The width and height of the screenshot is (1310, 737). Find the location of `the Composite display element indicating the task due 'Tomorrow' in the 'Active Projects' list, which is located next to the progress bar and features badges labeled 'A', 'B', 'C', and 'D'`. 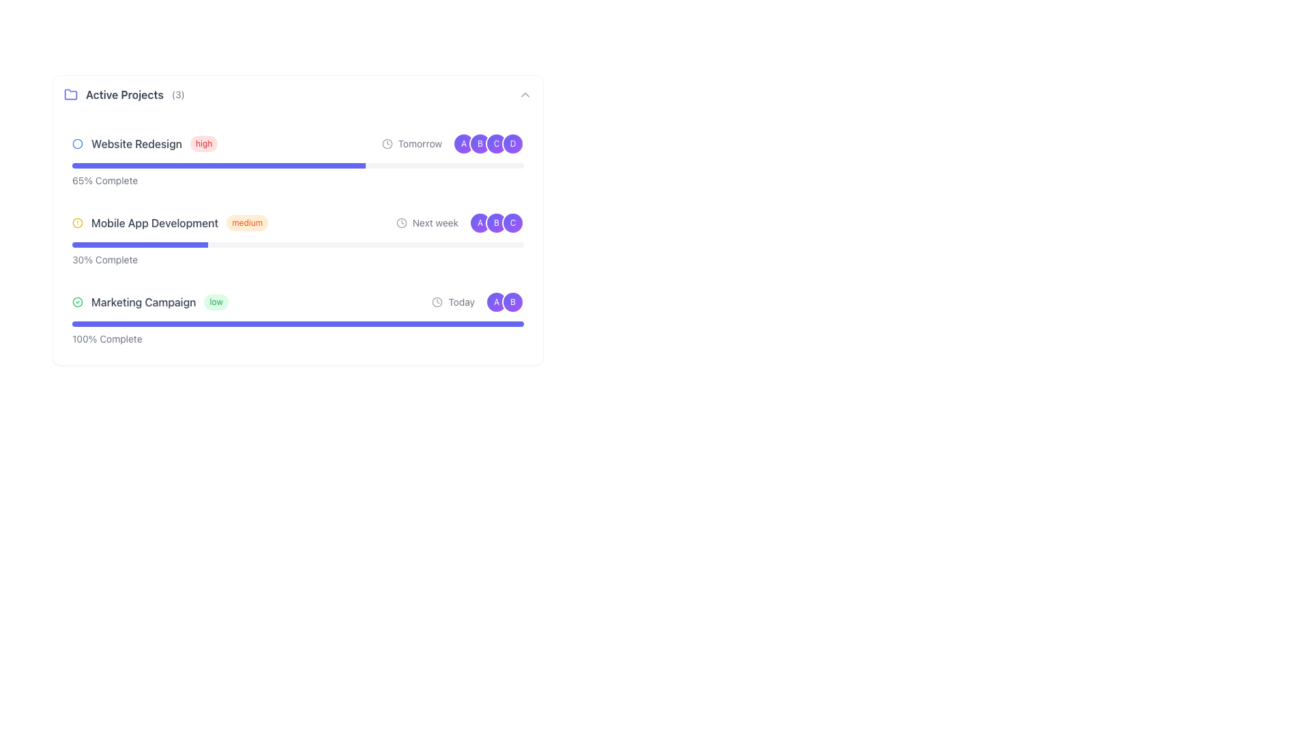

the Composite display element indicating the task due 'Tomorrow' in the 'Active Projects' list, which is located next to the progress bar and features badges labeled 'A', 'B', 'C', and 'D' is located at coordinates (452, 144).